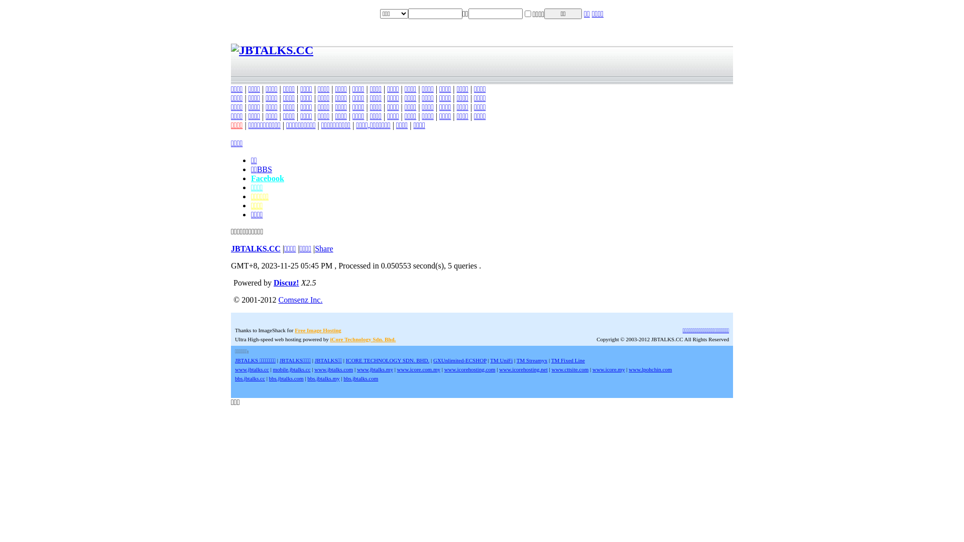 The image size is (964, 542). I want to click on 'TM UniFi', so click(501, 359).